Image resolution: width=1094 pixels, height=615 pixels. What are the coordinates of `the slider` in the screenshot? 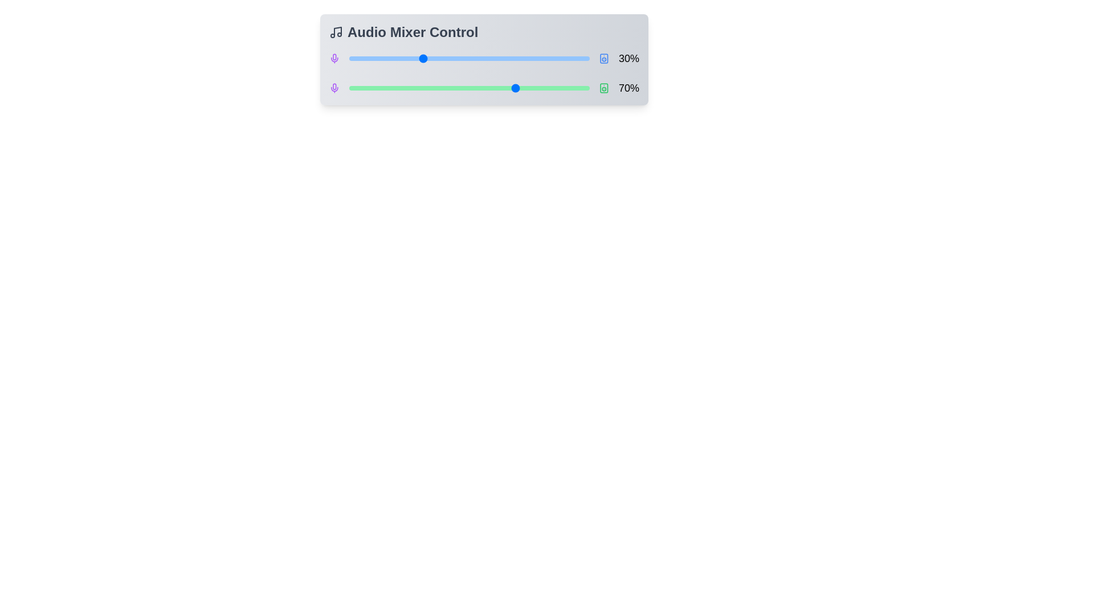 It's located at (491, 87).